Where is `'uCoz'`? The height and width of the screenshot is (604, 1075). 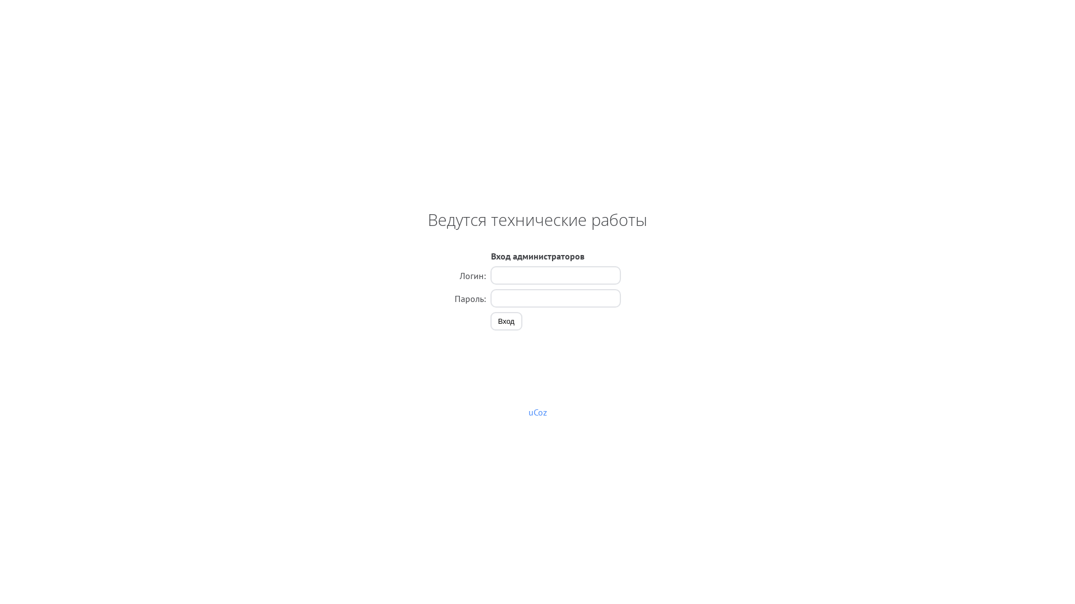 'uCoz' is located at coordinates (537, 412).